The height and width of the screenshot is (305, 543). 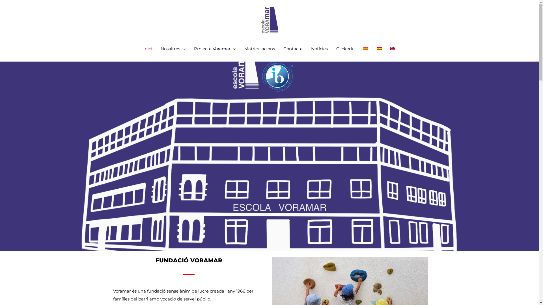 What do you see at coordinates (259, 49) in the screenshot?
I see `'Matriculacions'` at bounding box center [259, 49].